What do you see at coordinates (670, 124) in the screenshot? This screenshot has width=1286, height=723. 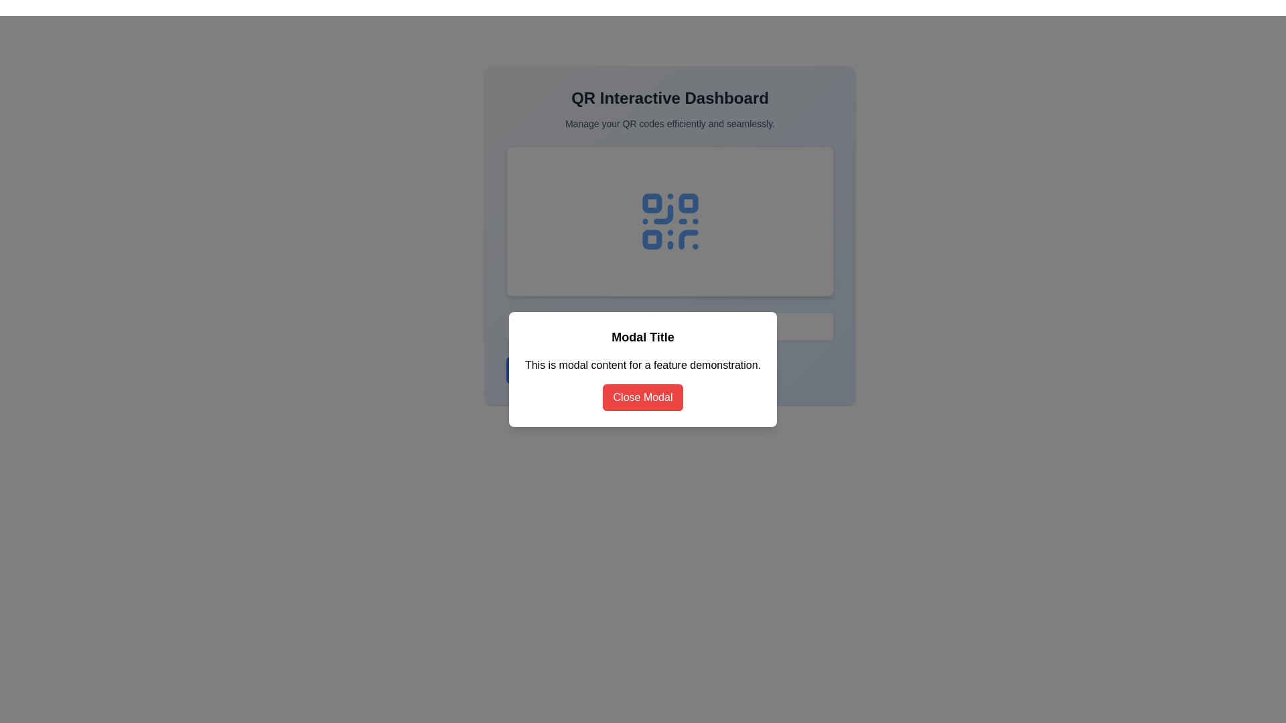 I see `the descriptive subtitle located below the title 'QR Interactive Dashboard' and above the central graphic feature, positioned at the center horizontally` at bounding box center [670, 124].